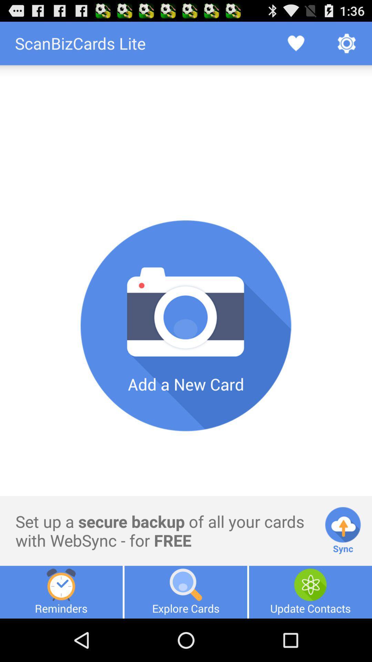  Describe the element at coordinates (185, 592) in the screenshot. I see `item next to reminders` at that location.